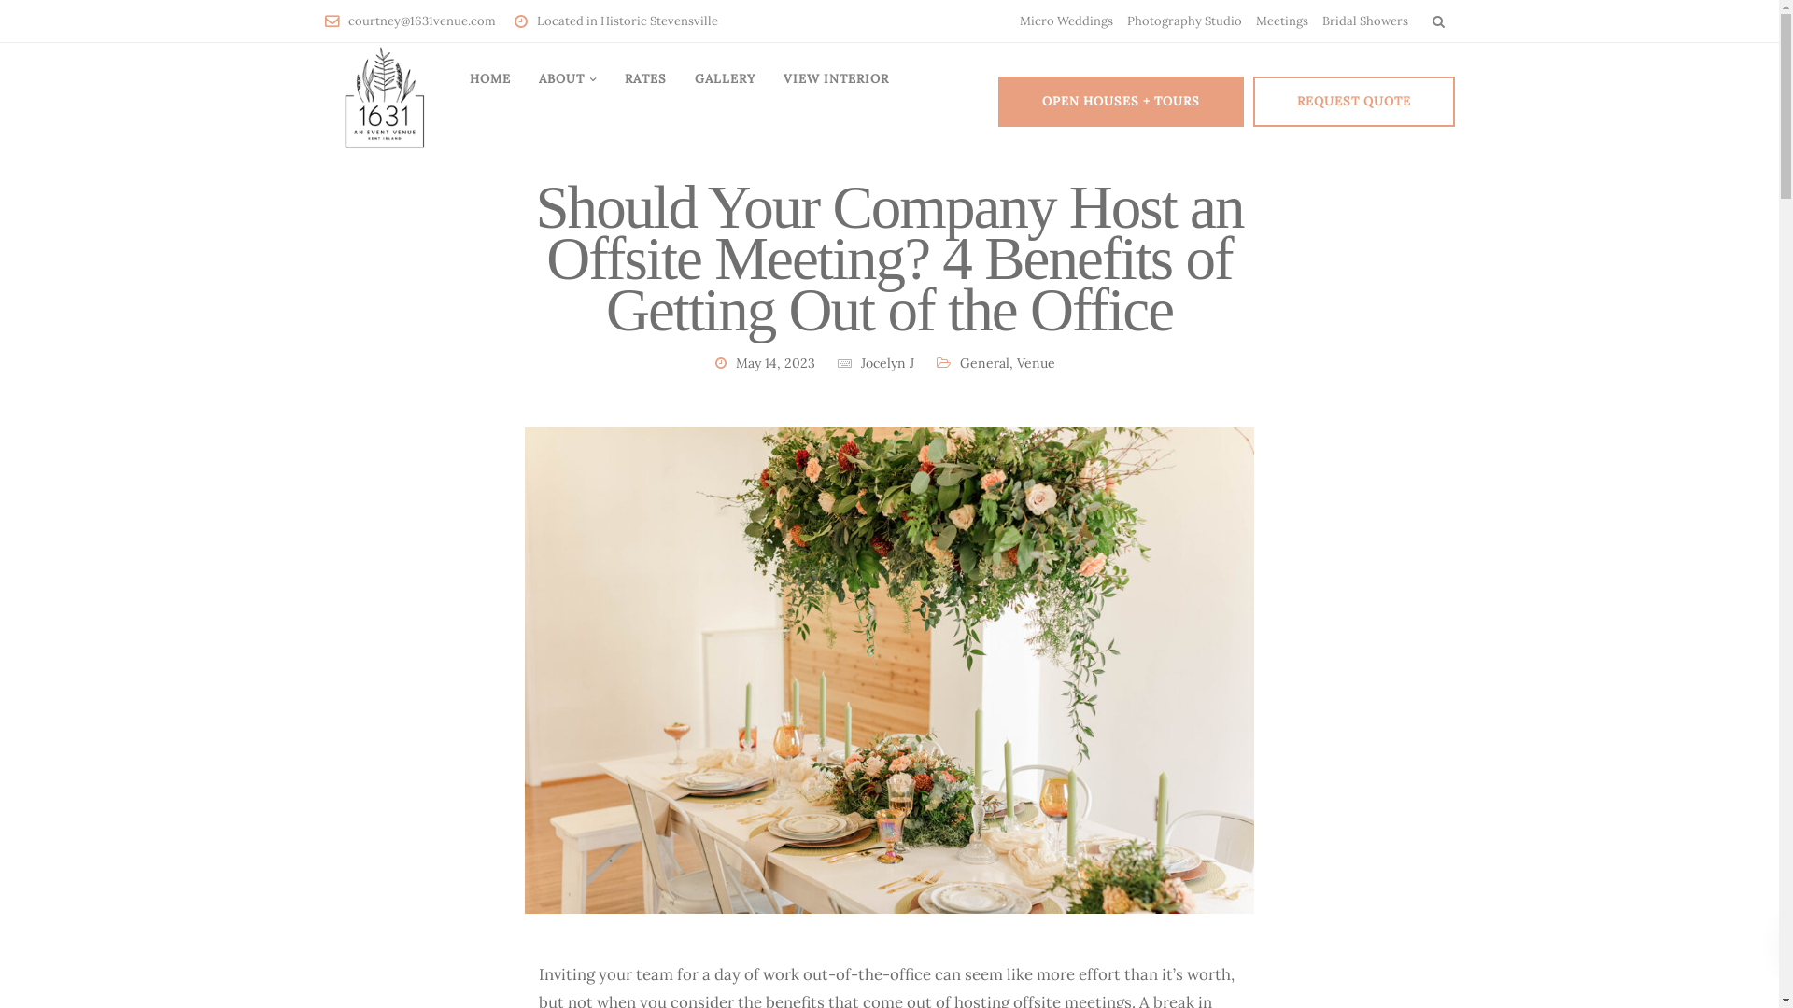 This screenshot has width=1793, height=1008. Describe the element at coordinates (532, 442) in the screenshot. I see `'Privacy policy'` at that location.